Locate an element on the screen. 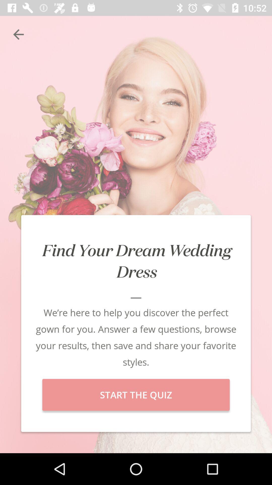  start the quiz item is located at coordinates (136, 395).